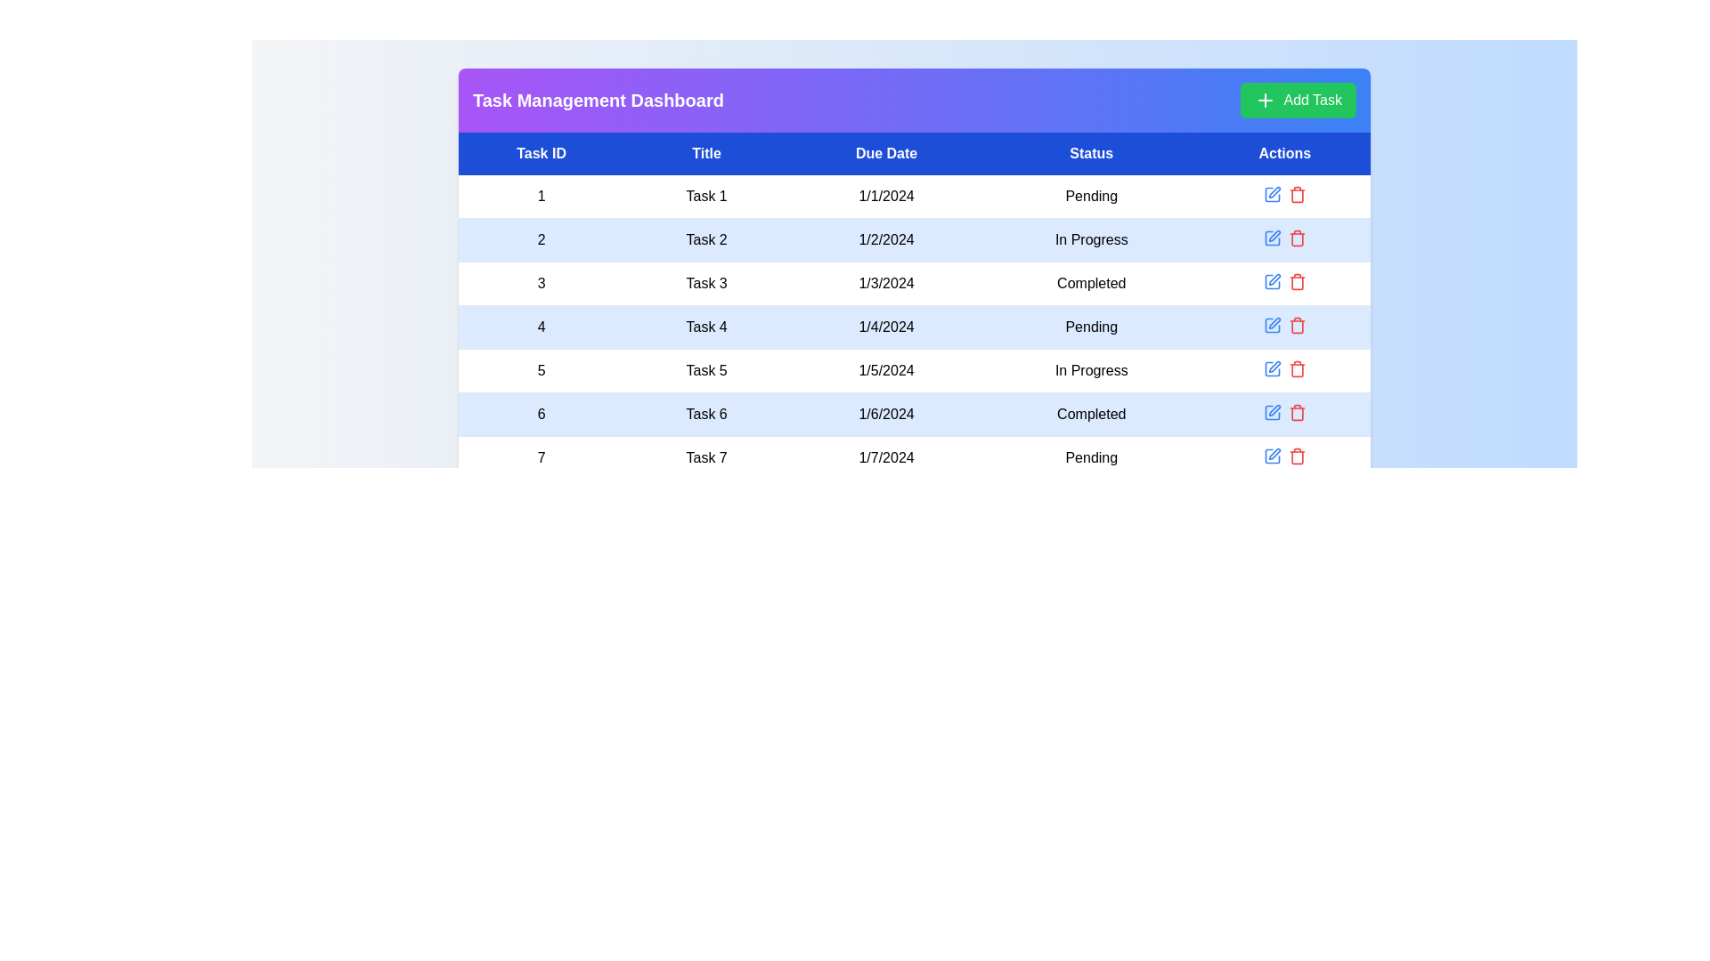 The width and height of the screenshot is (1710, 961). I want to click on delete icon for the task with ID 2, so click(1297, 237).